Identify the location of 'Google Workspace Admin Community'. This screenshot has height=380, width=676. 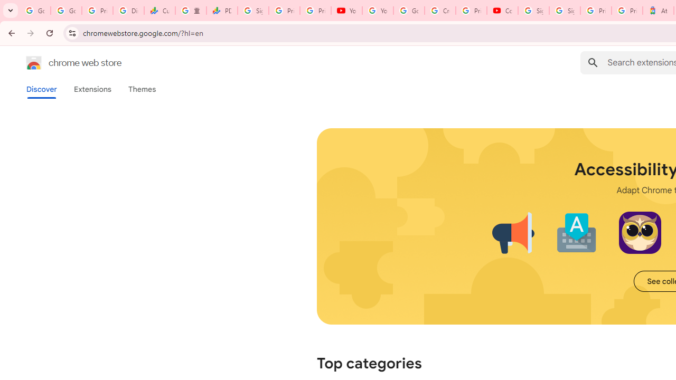
(35, 11).